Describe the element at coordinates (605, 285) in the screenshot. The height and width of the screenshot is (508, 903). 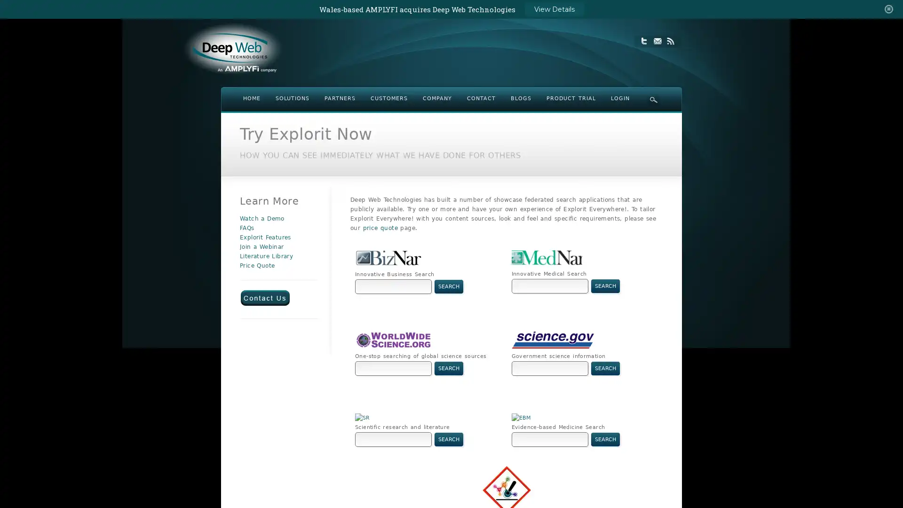
I see `Search` at that location.